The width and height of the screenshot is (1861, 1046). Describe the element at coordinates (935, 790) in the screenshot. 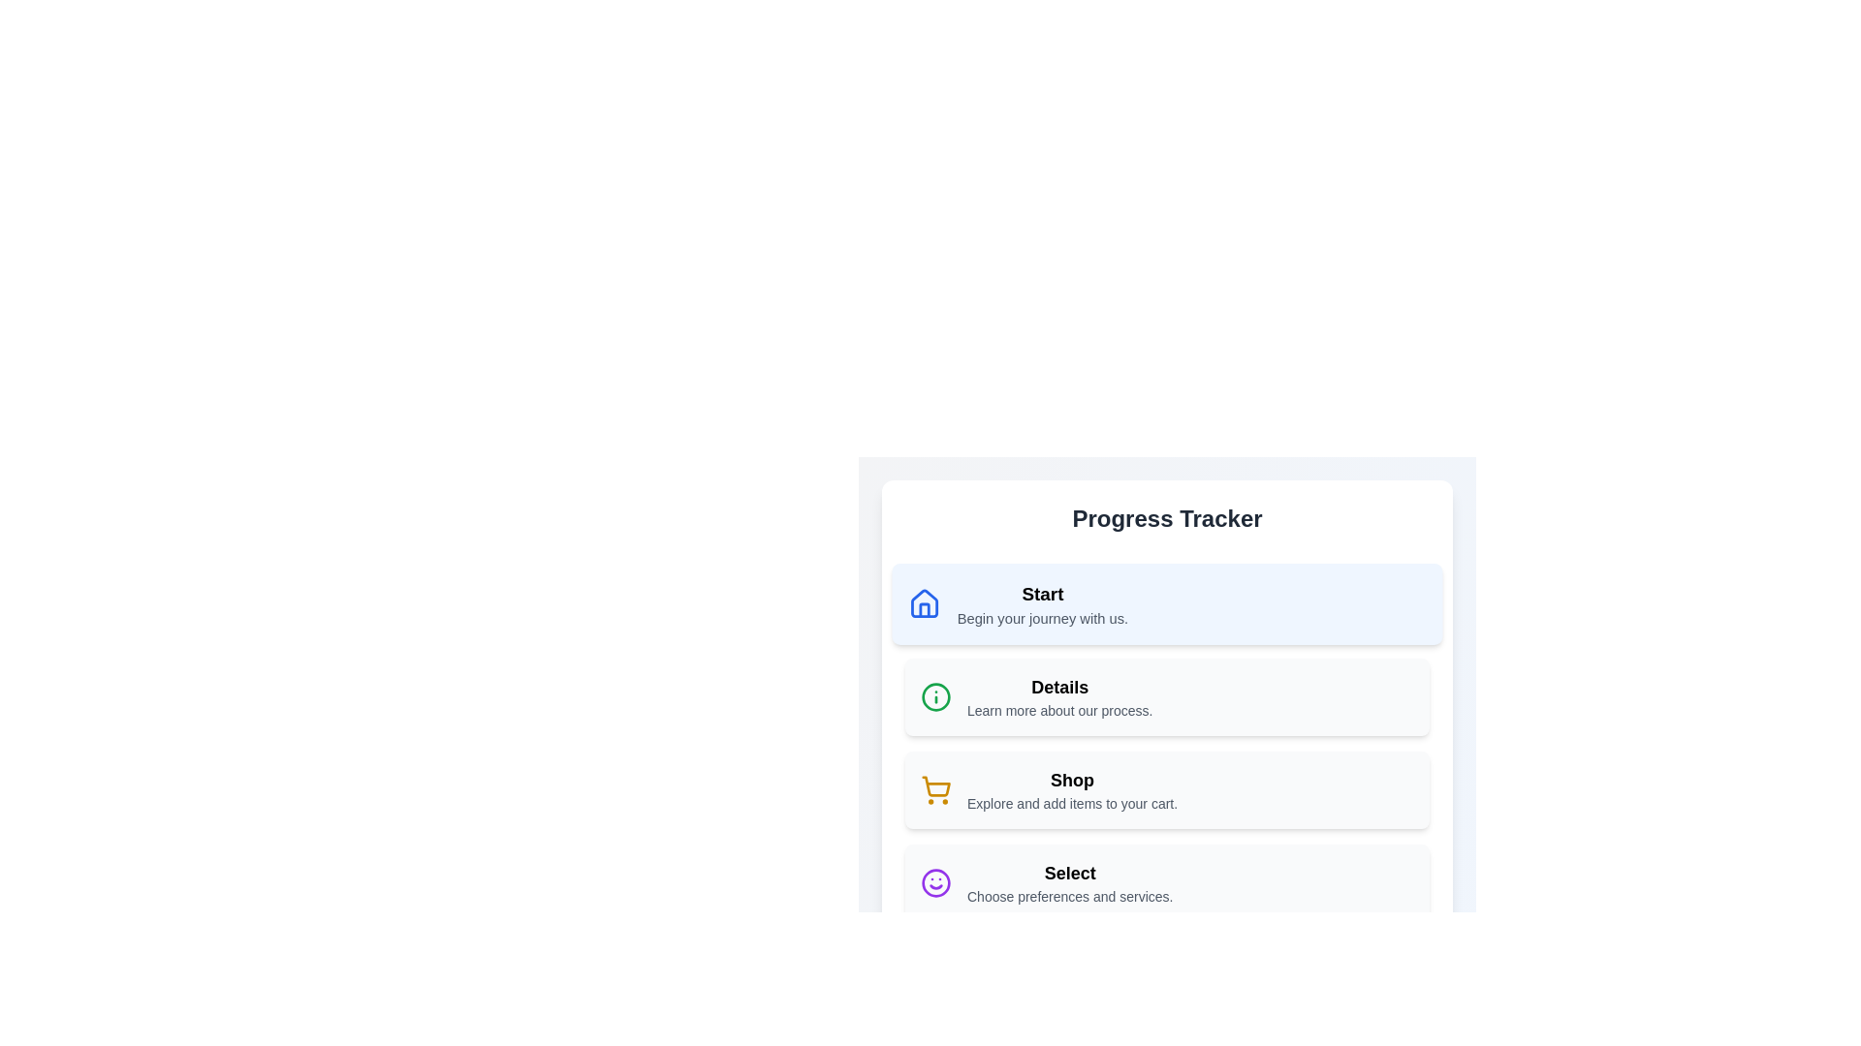

I see `the Shopping Cart icon located in the Progress Tracker section, which is positioned immediately to the left of the 'Shop' text` at that location.